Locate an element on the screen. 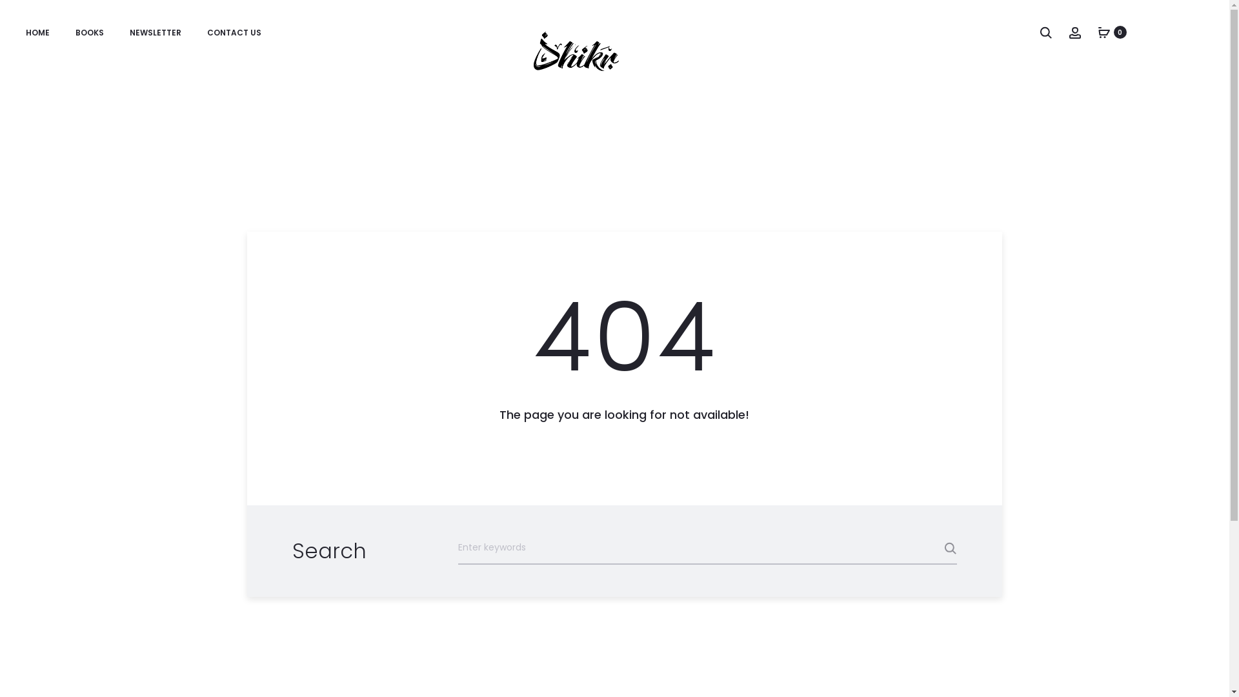  '0' is located at coordinates (1103, 32).